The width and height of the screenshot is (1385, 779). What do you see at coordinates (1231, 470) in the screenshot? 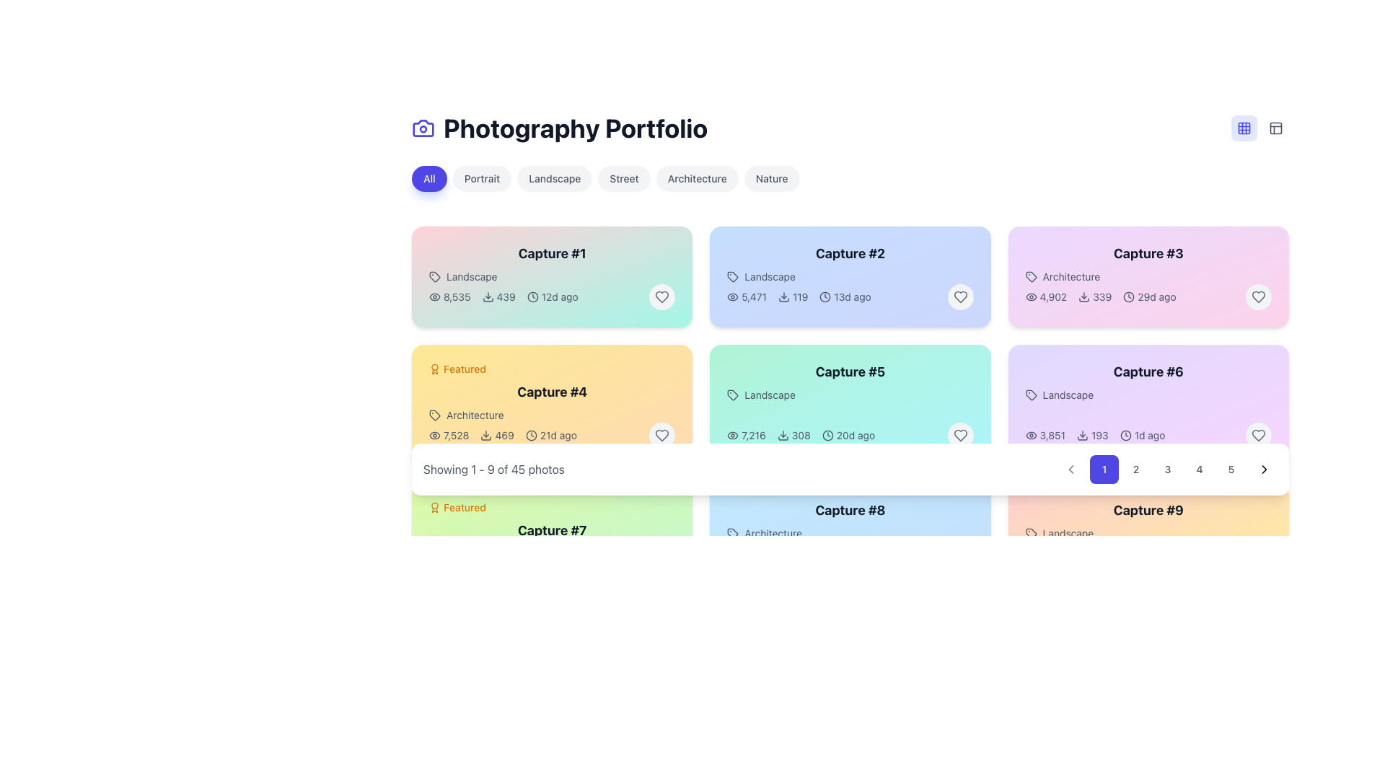
I see `the rounded square button labeled '5' with a light gray background` at bounding box center [1231, 470].